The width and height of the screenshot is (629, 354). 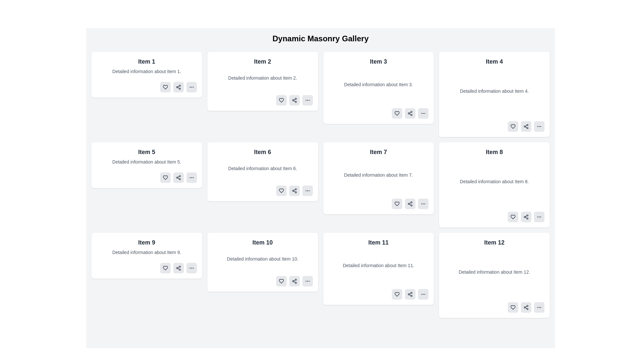 What do you see at coordinates (262, 243) in the screenshot?
I see `the text label reading 'Item 10', which is styled in bold and large dark gray font and located at the top of a card component in the third row and second column of a grid` at bounding box center [262, 243].